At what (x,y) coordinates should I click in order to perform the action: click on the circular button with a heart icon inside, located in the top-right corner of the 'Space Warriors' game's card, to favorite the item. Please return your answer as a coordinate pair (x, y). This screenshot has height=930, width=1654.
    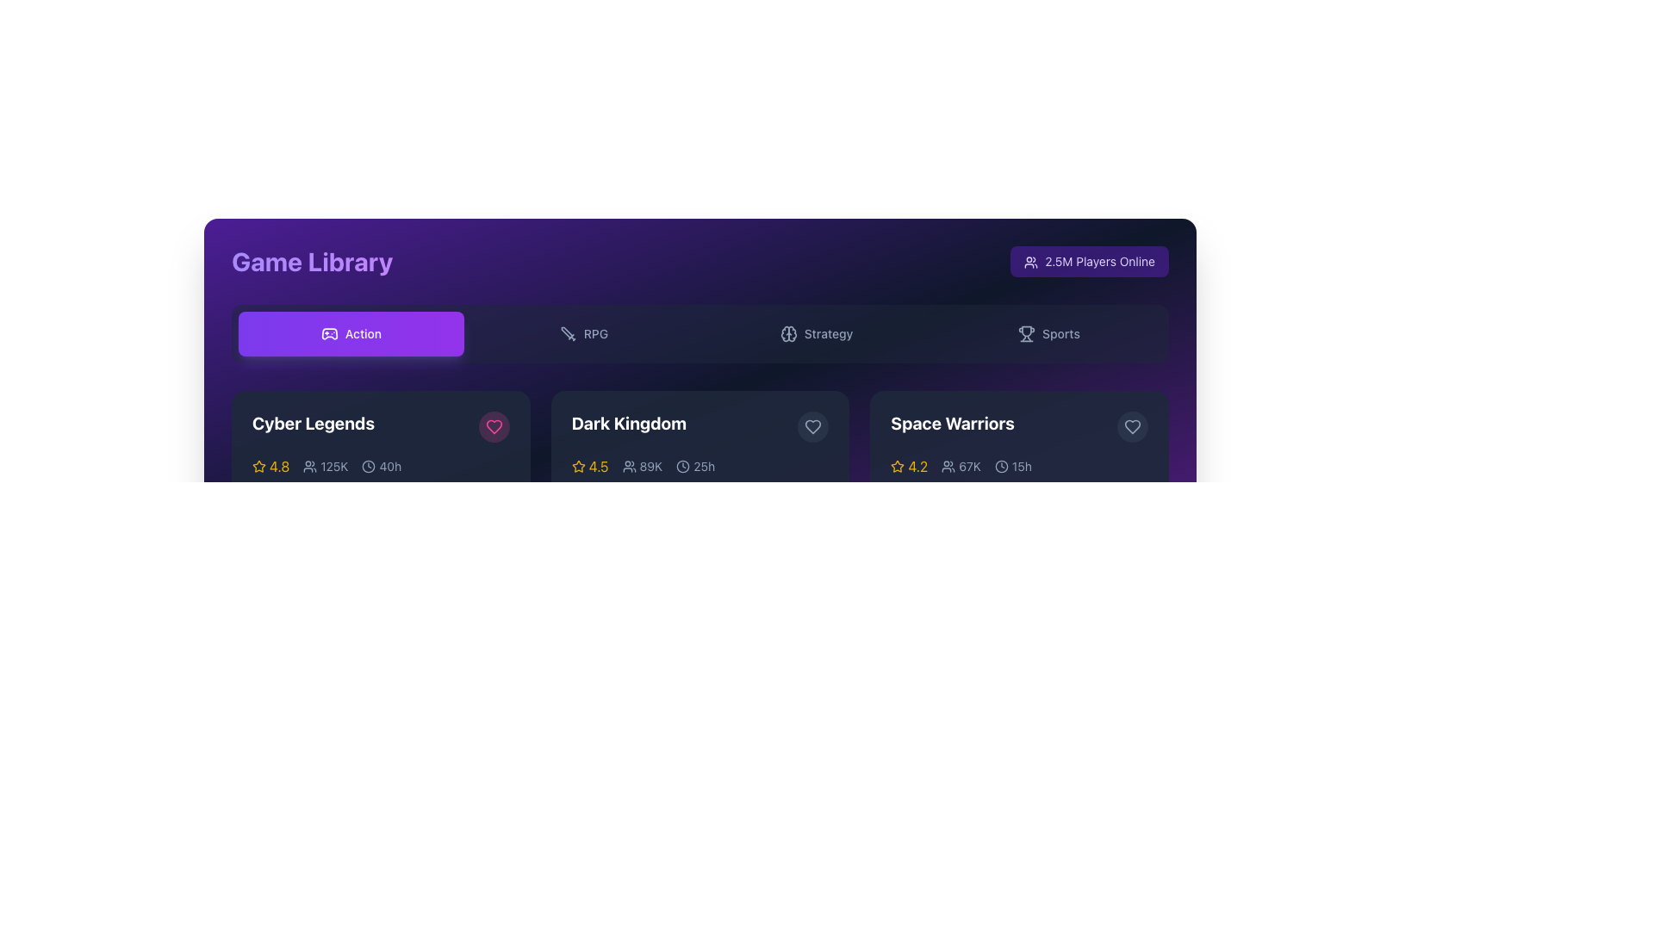
    Looking at the image, I should click on (1133, 426).